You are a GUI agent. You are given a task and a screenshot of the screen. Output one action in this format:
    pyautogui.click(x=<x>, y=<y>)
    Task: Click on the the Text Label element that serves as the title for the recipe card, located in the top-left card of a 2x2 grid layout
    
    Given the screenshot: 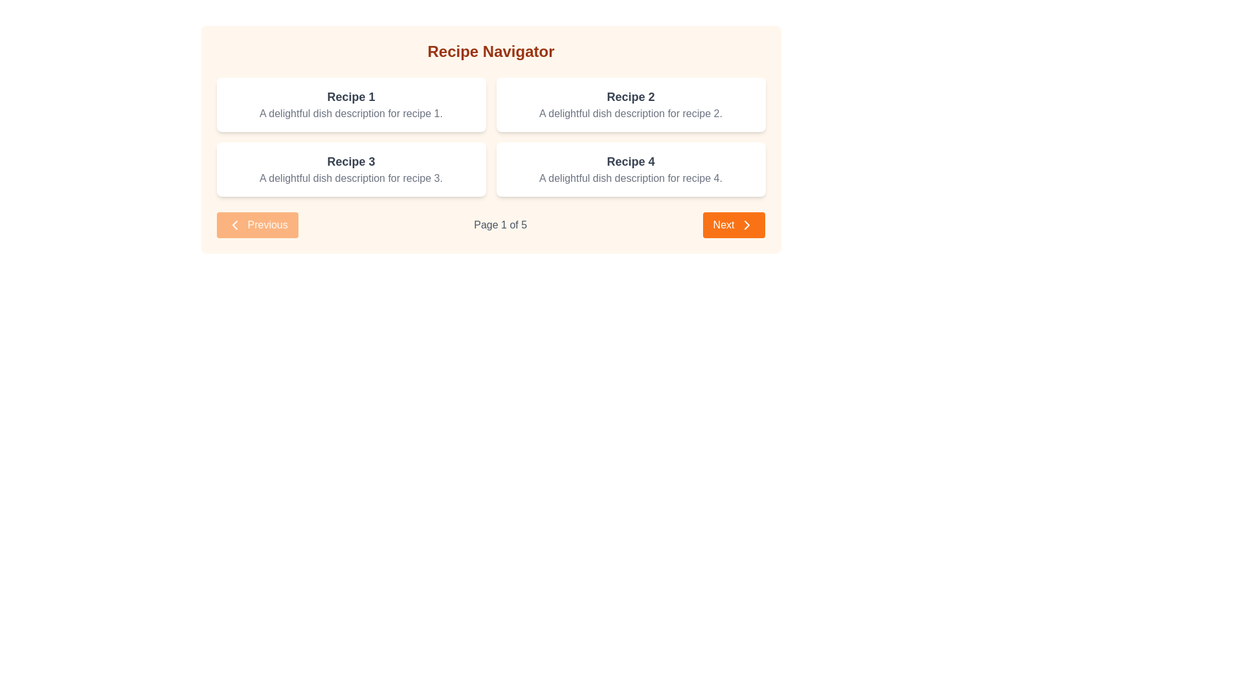 What is the action you would take?
    pyautogui.click(x=351, y=96)
    